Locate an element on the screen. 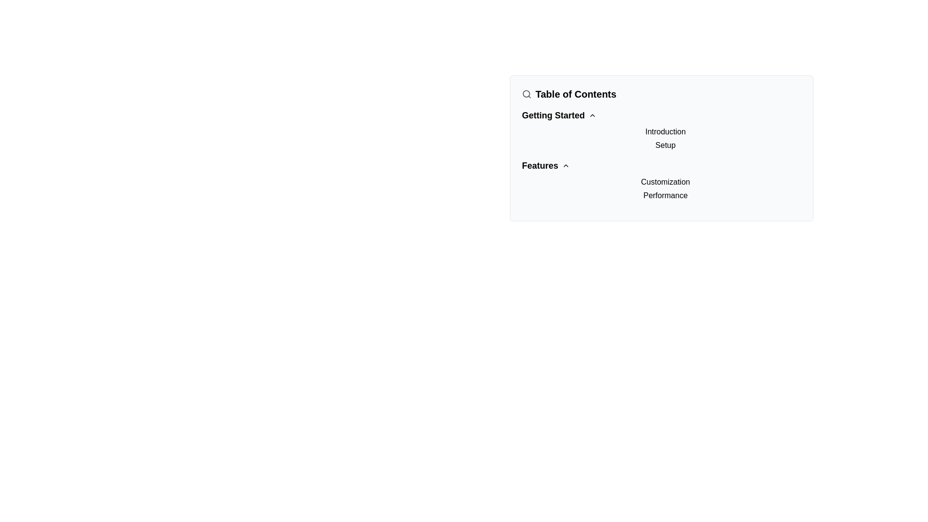 The image size is (928, 522). the 'Customization' textual link in the sidebar menu under the 'Features' section is located at coordinates (665, 182).